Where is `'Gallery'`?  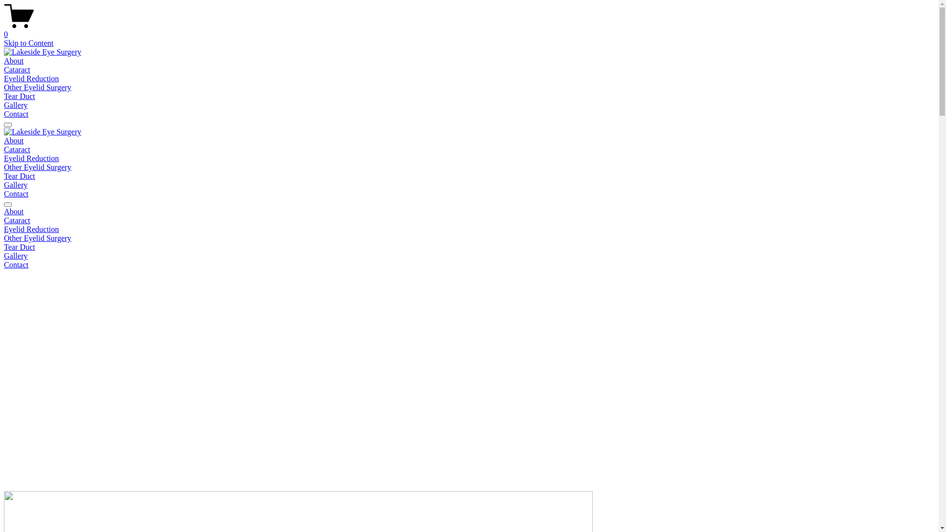
'Gallery' is located at coordinates (469, 256).